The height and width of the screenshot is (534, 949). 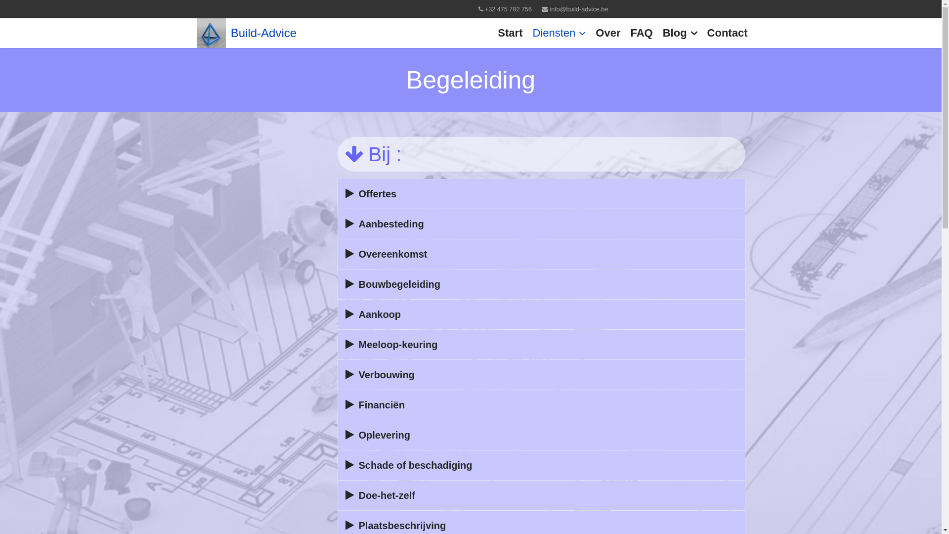 I want to click on 'Over', so click(x=607, y=32).